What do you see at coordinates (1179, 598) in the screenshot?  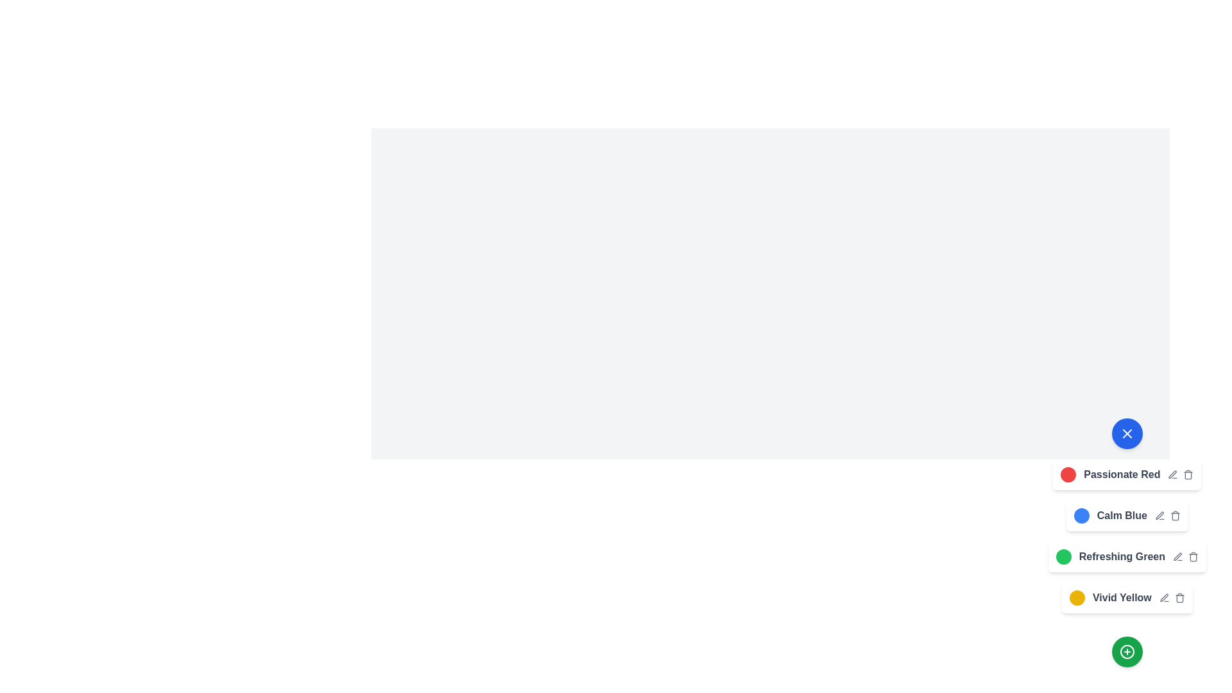 I see `the trash icon to delete the color theme Vivid Yellow` at bounding box center [1179, 598].